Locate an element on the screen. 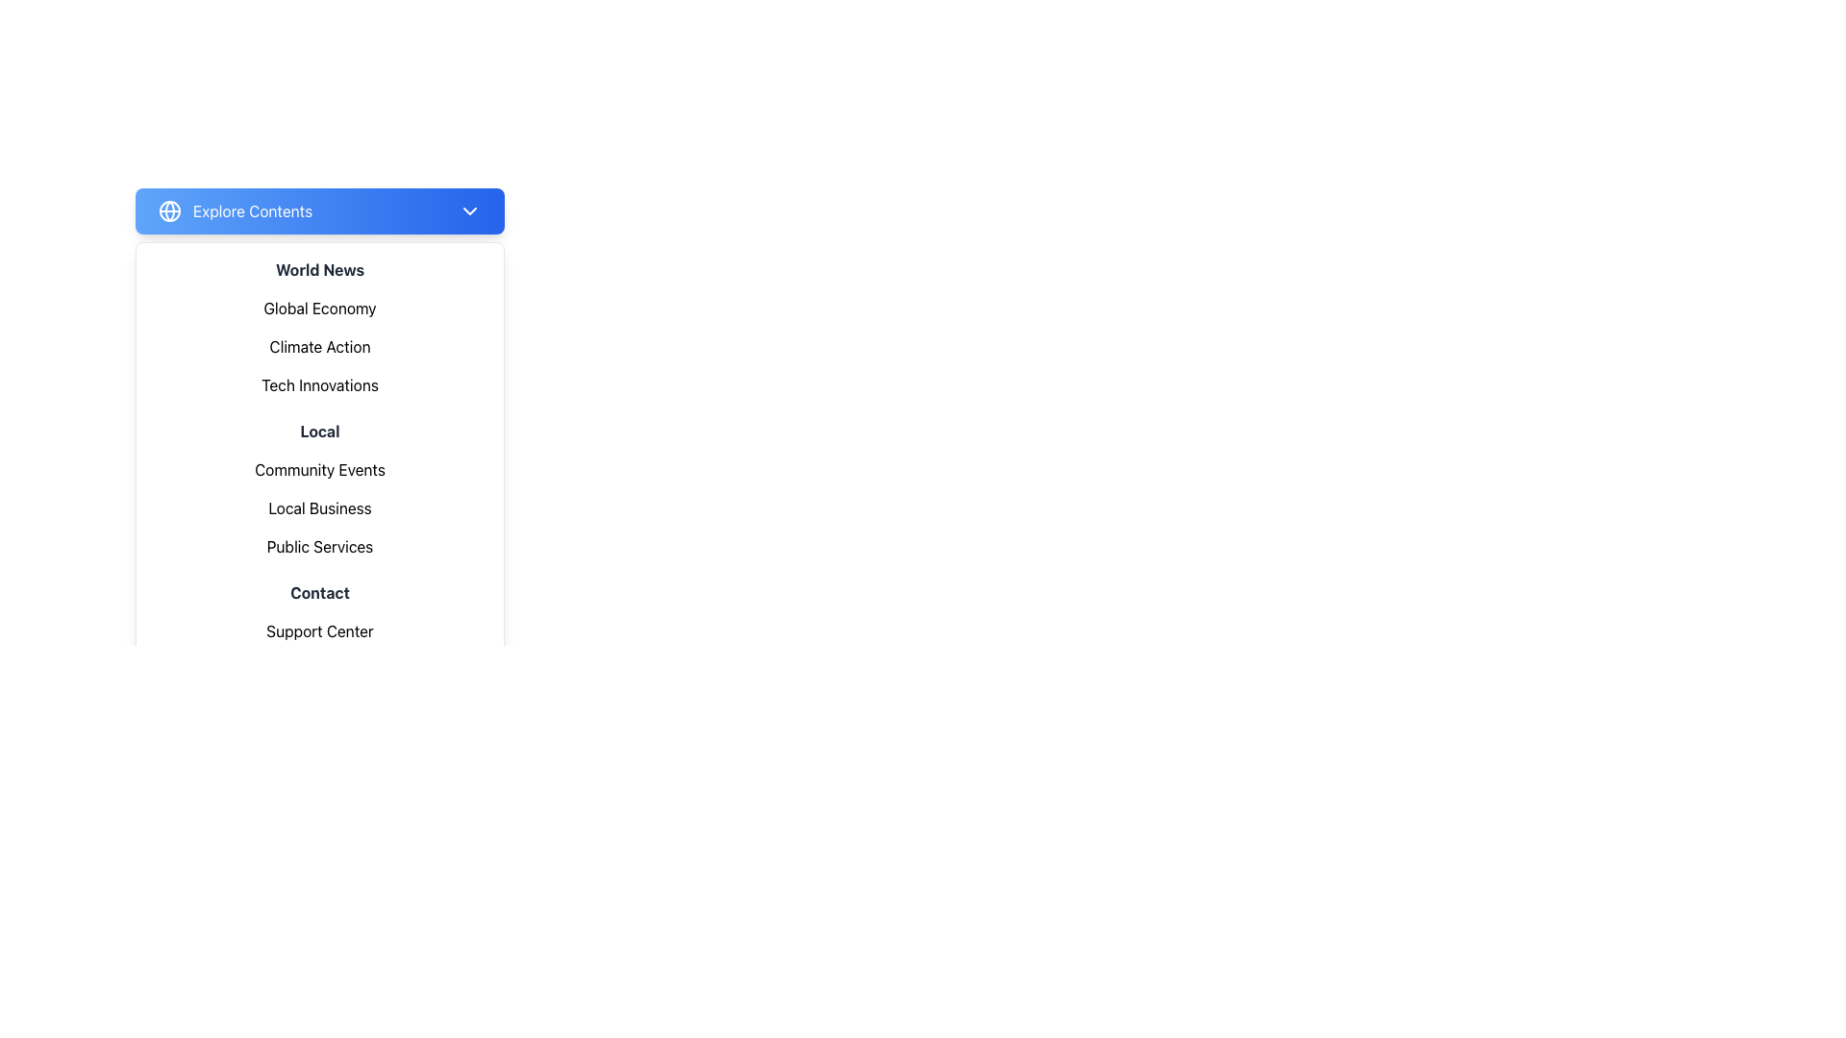 The width and height of the screenshot is (1846, 1038). the 'Global Economy' menu item, which is the first option under the 'World News' section in the dropdown menu is located at coordinates (319, 307).